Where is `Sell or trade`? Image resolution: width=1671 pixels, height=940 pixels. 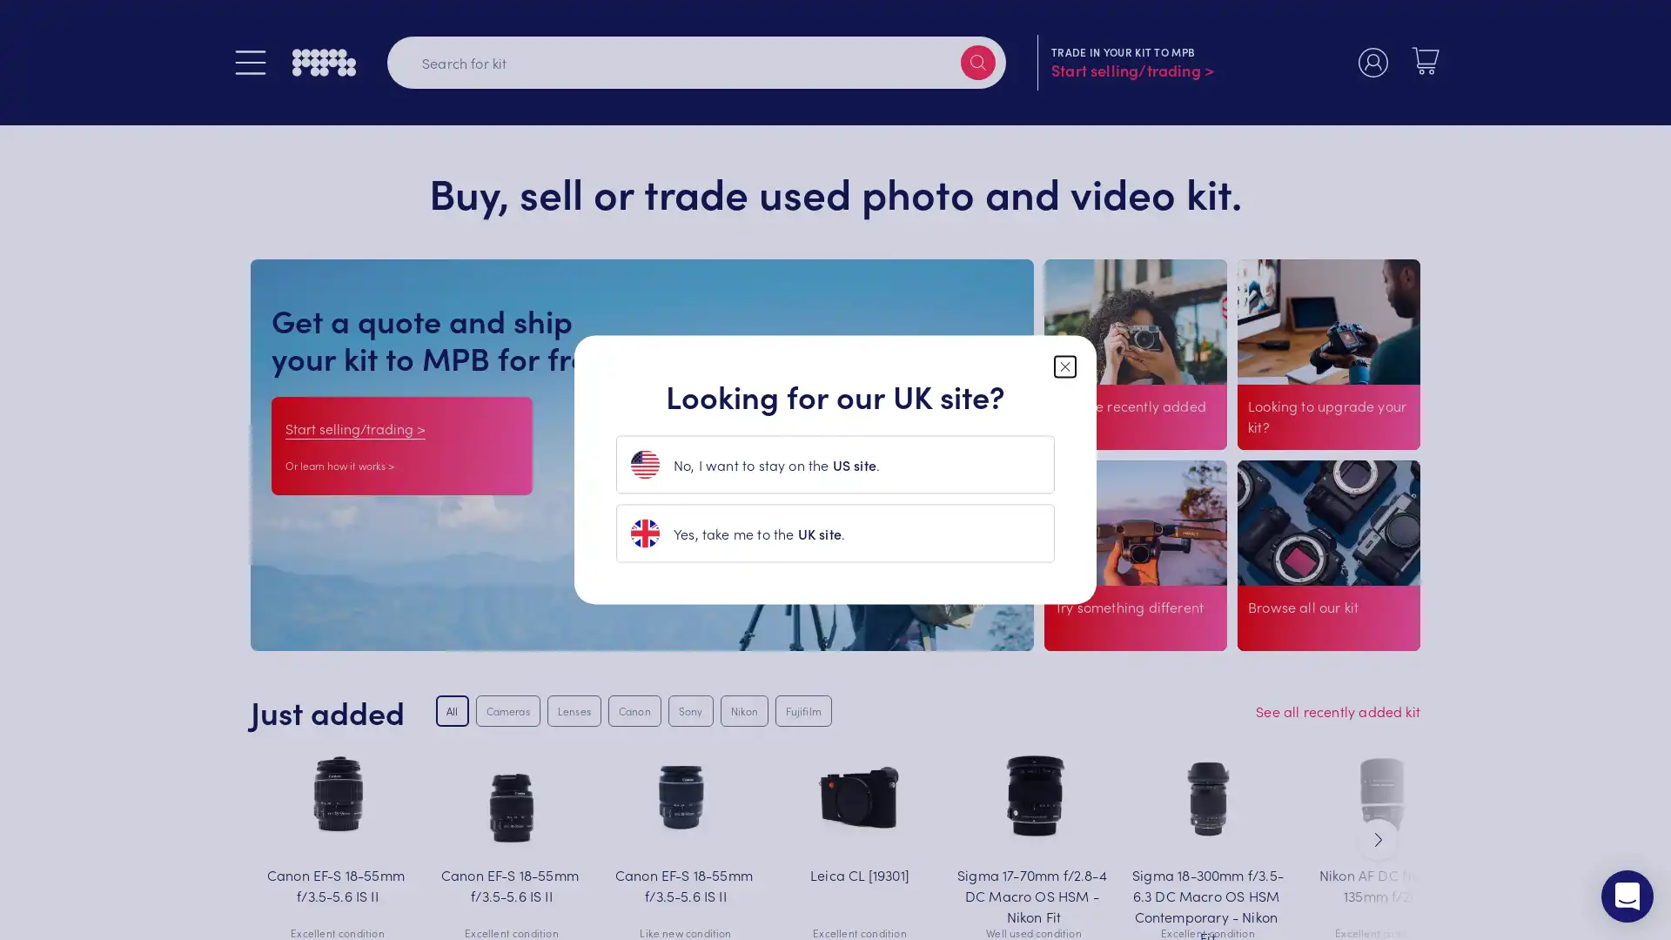
Sell or trade is located at coordinates (1295, 452).